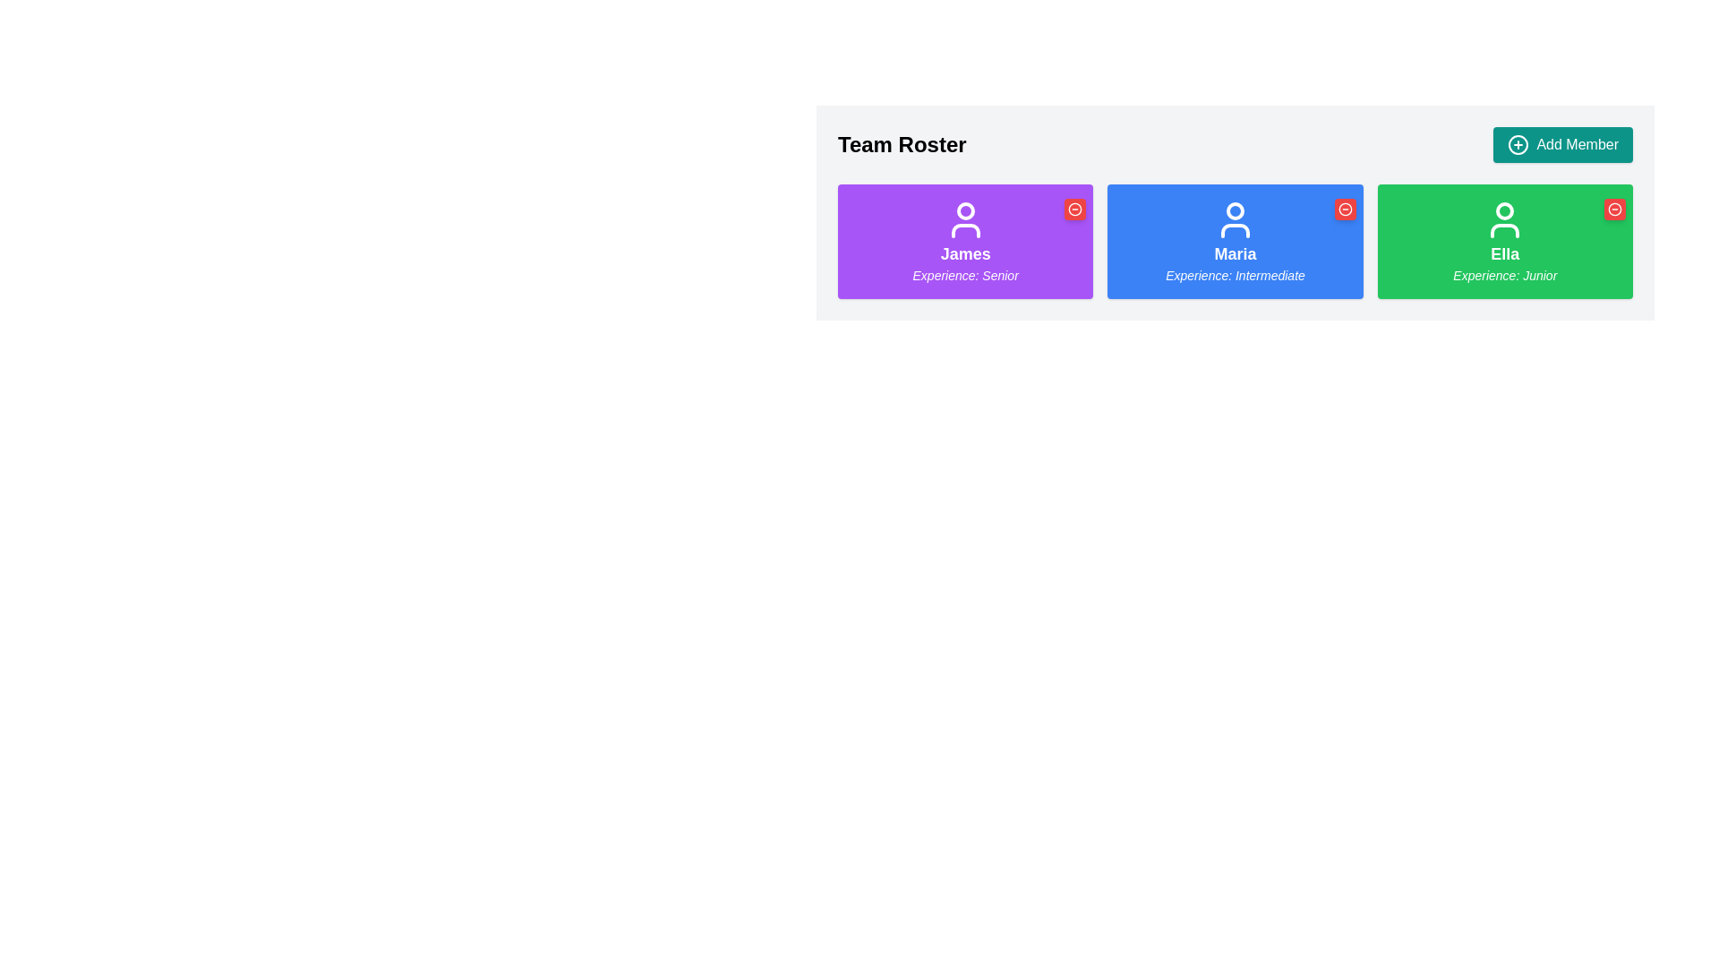 This screenshot has height=967, width=1719. Describe the element at coordinates (1234, 276) in the screenshot. I see `the Text Label that displays the experience level associated with 'Maria', located in the blue card layout, positioned centrally below 'Maria'` at that location.